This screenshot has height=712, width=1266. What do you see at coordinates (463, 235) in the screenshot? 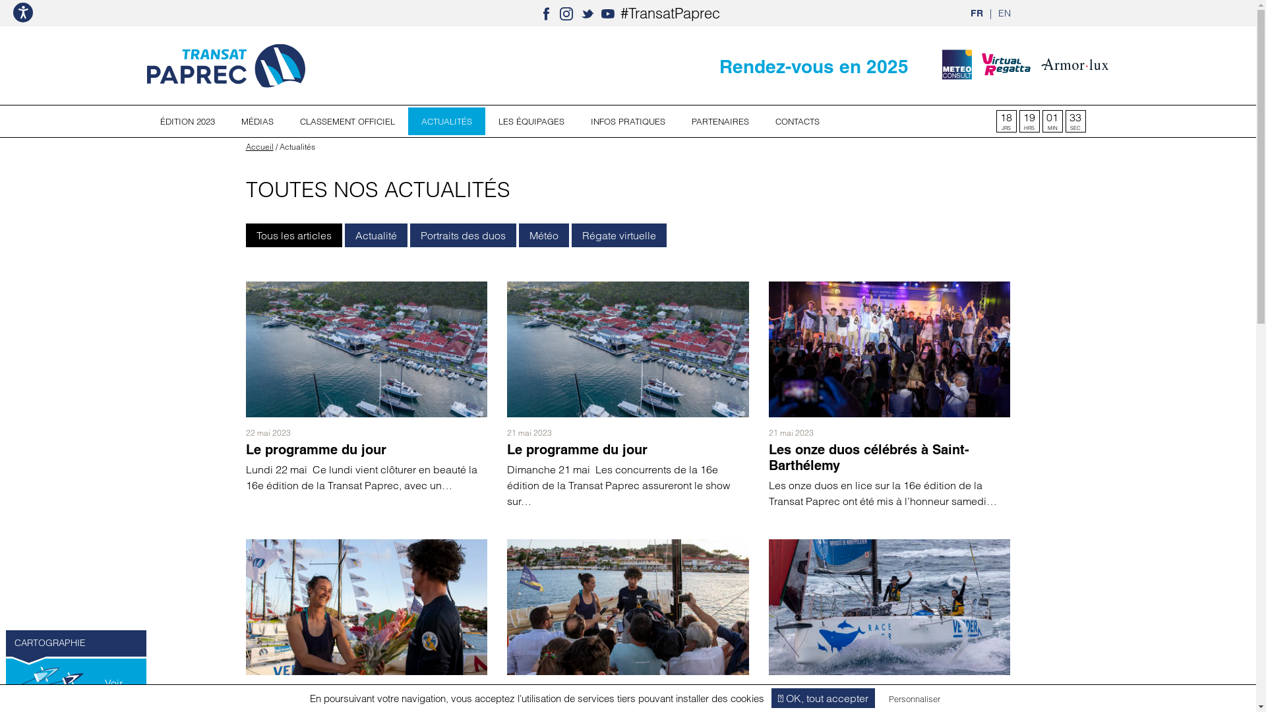
I see `'Portraits des duos'` at bounding box center [463, 235].